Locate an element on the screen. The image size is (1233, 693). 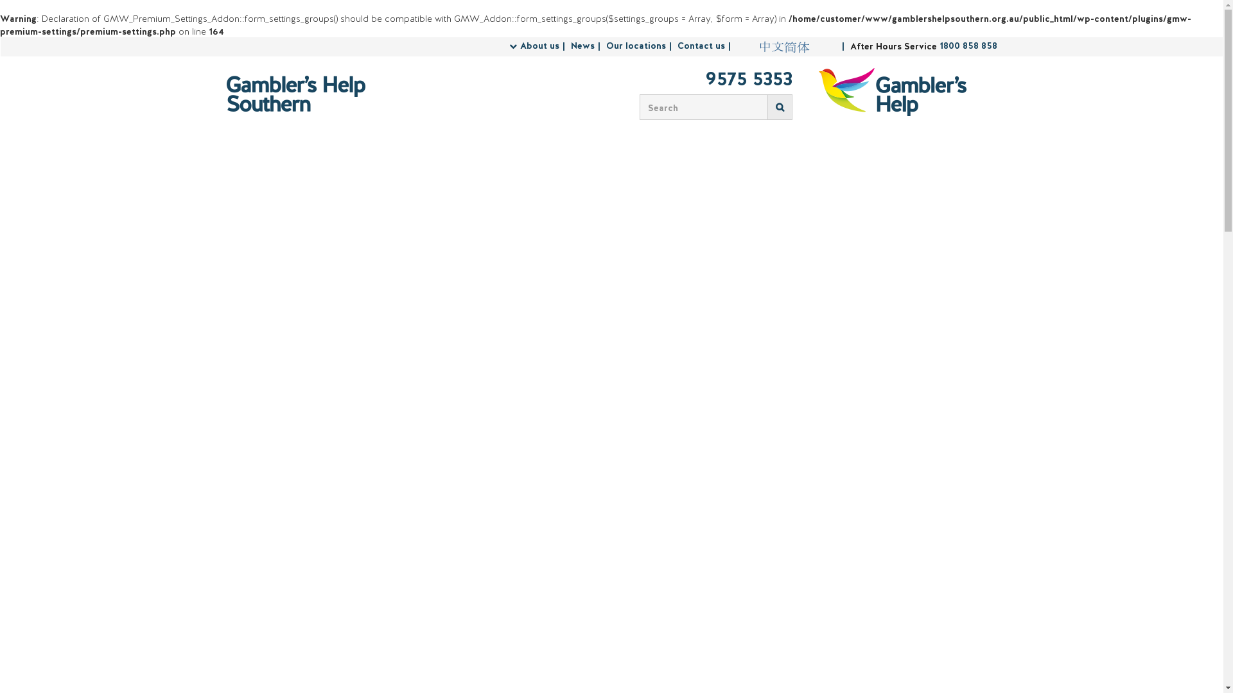
'Our locations' is located at coordinates (640, 46).